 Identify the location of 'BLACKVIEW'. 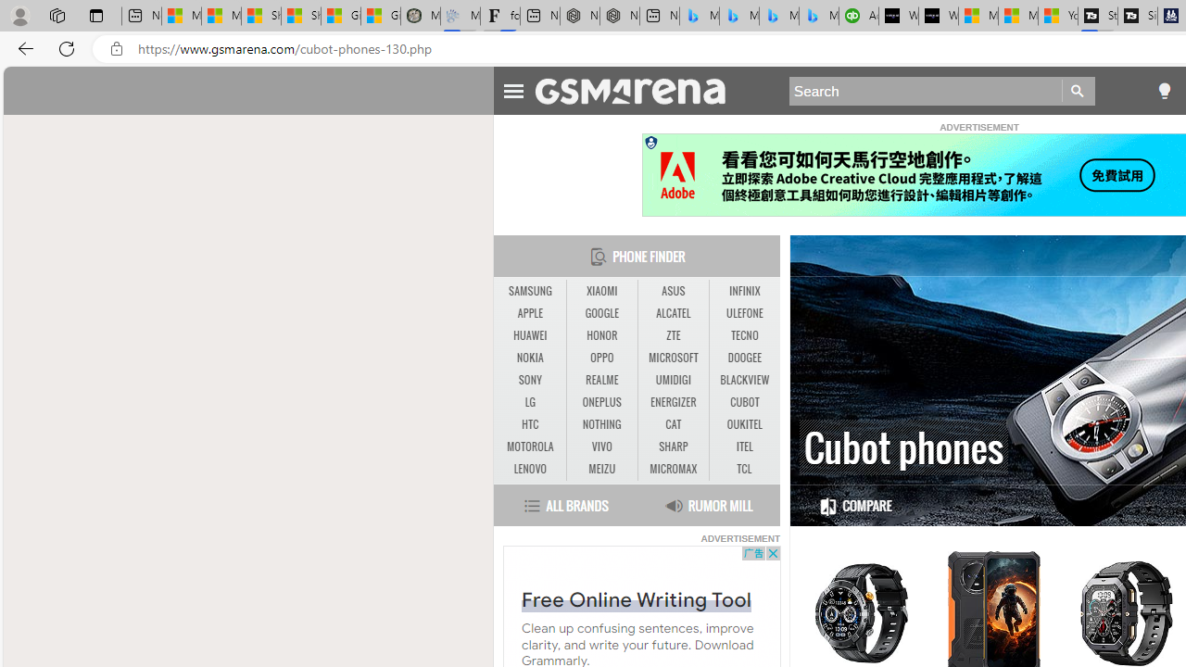
(744, 380).